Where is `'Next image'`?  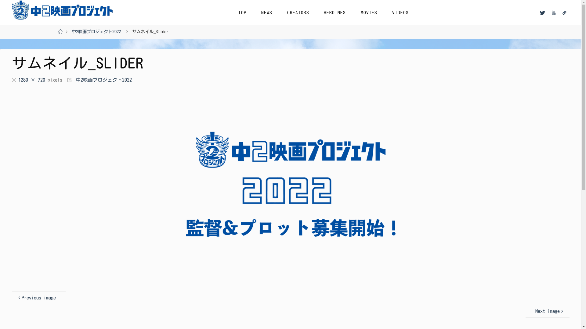
'Next image' is located at coordinates (525, 311).